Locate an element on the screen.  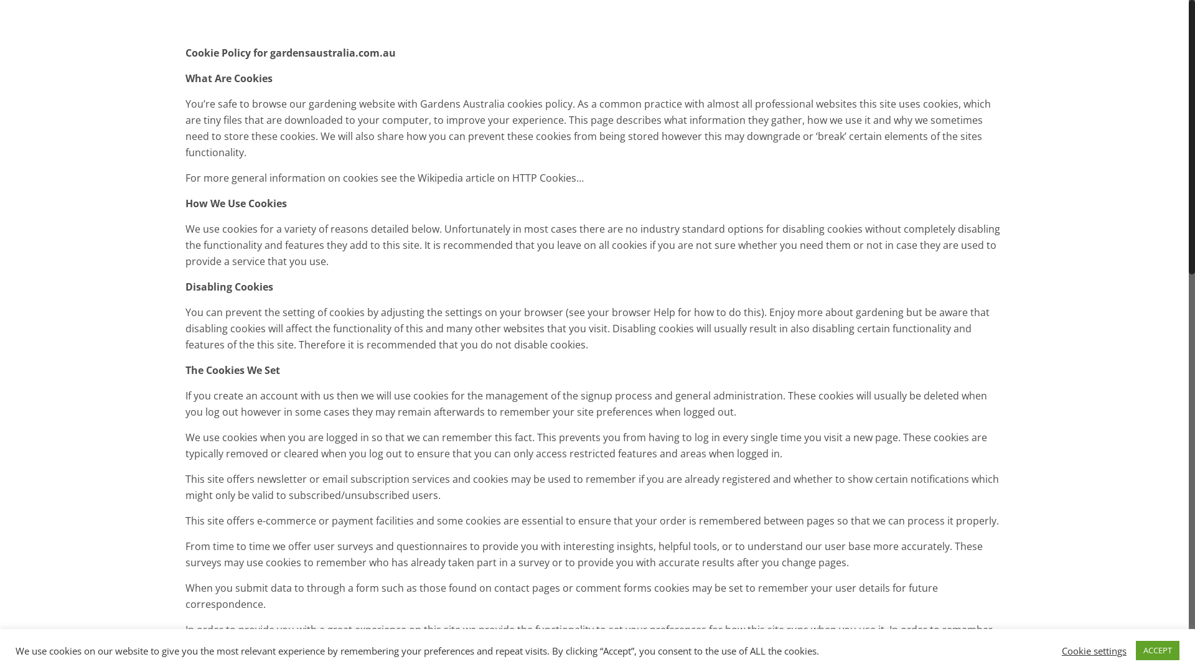
'Cookie settings' is located at coordinates (1093, 650).